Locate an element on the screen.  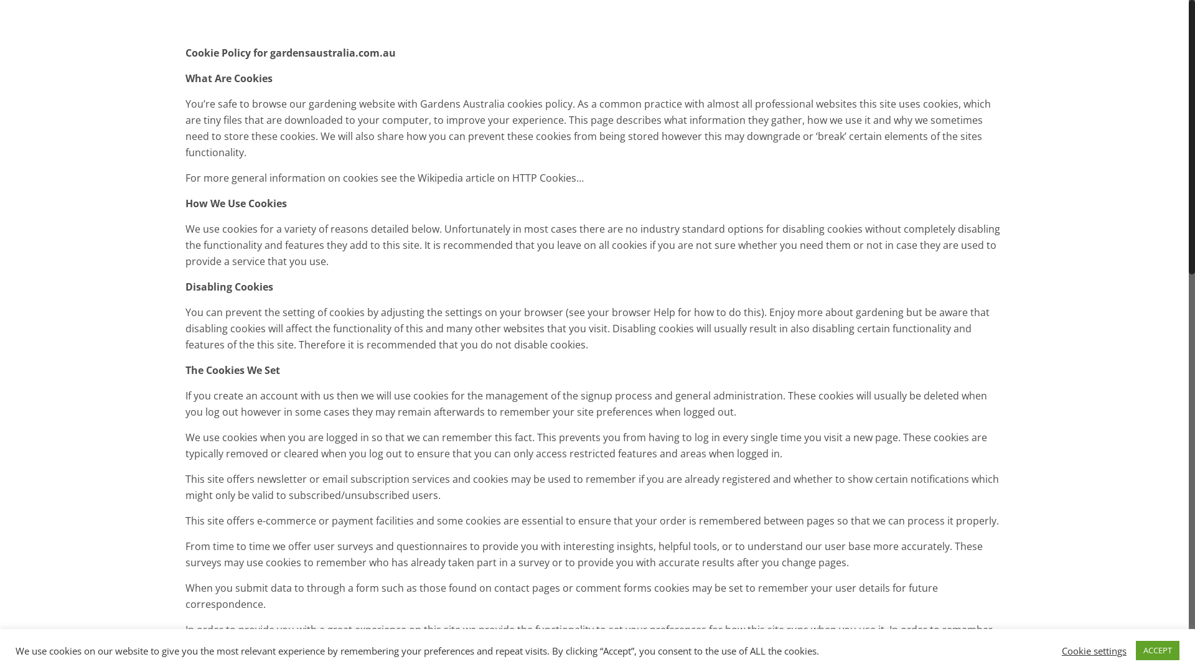
'Cookie settings' is located at coordinates (1093, 650).